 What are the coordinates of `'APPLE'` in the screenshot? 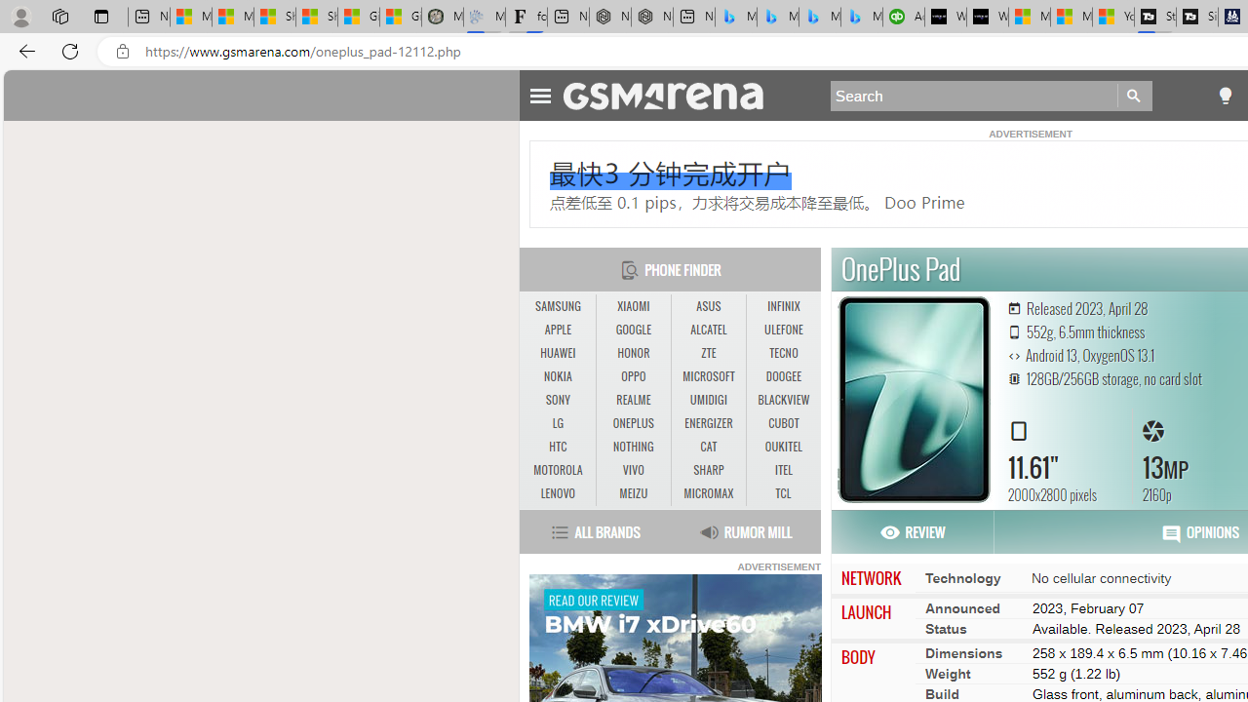 It's located at (557, 329).